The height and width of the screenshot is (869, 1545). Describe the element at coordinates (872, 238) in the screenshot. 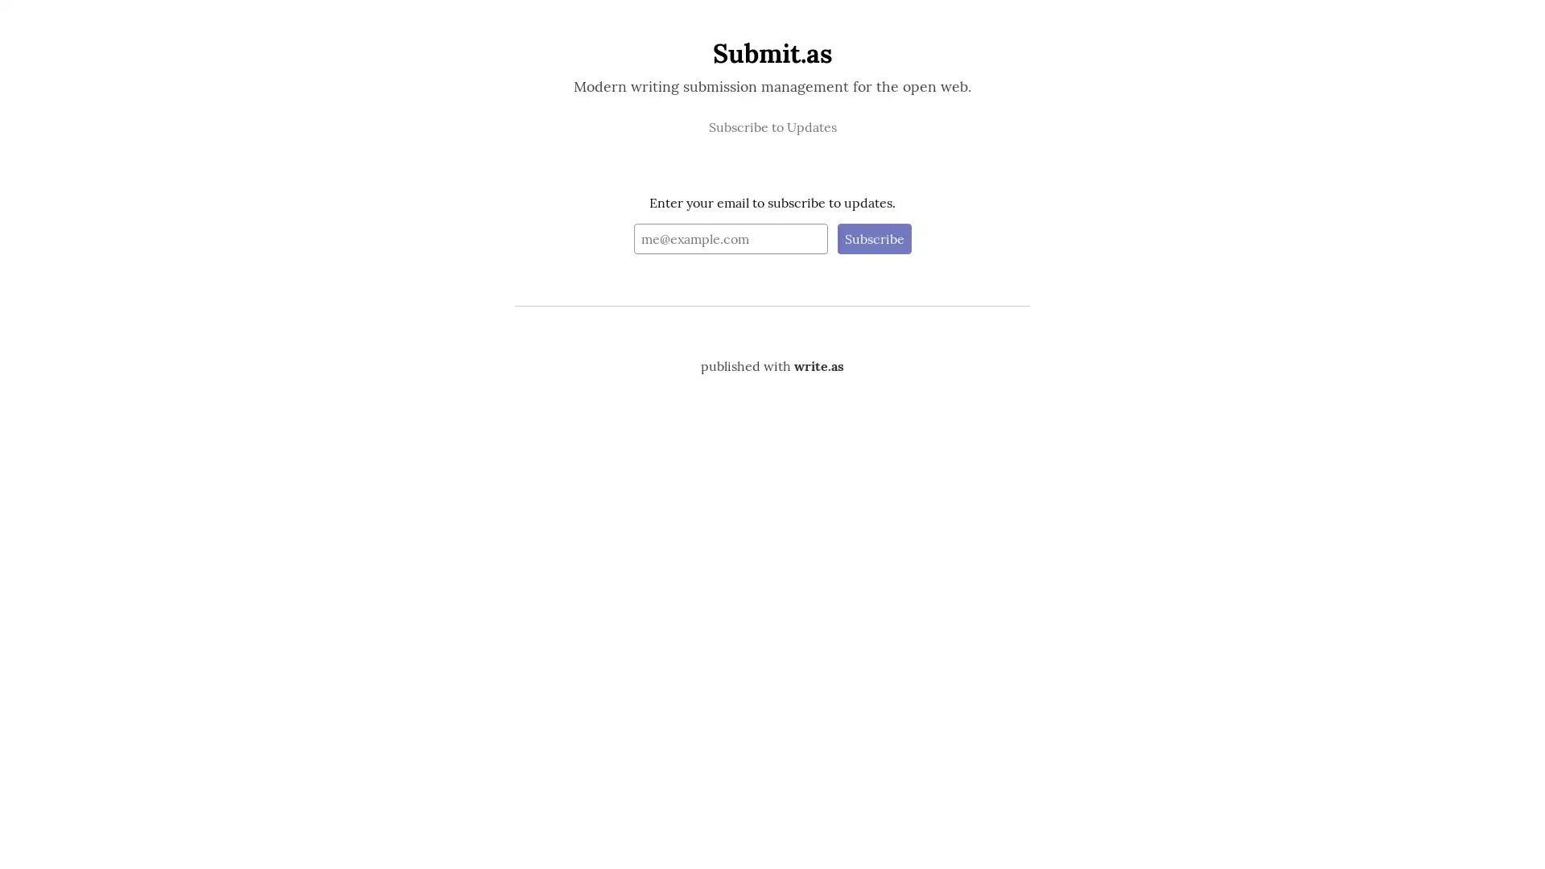

I see `Subscribe` at that location.